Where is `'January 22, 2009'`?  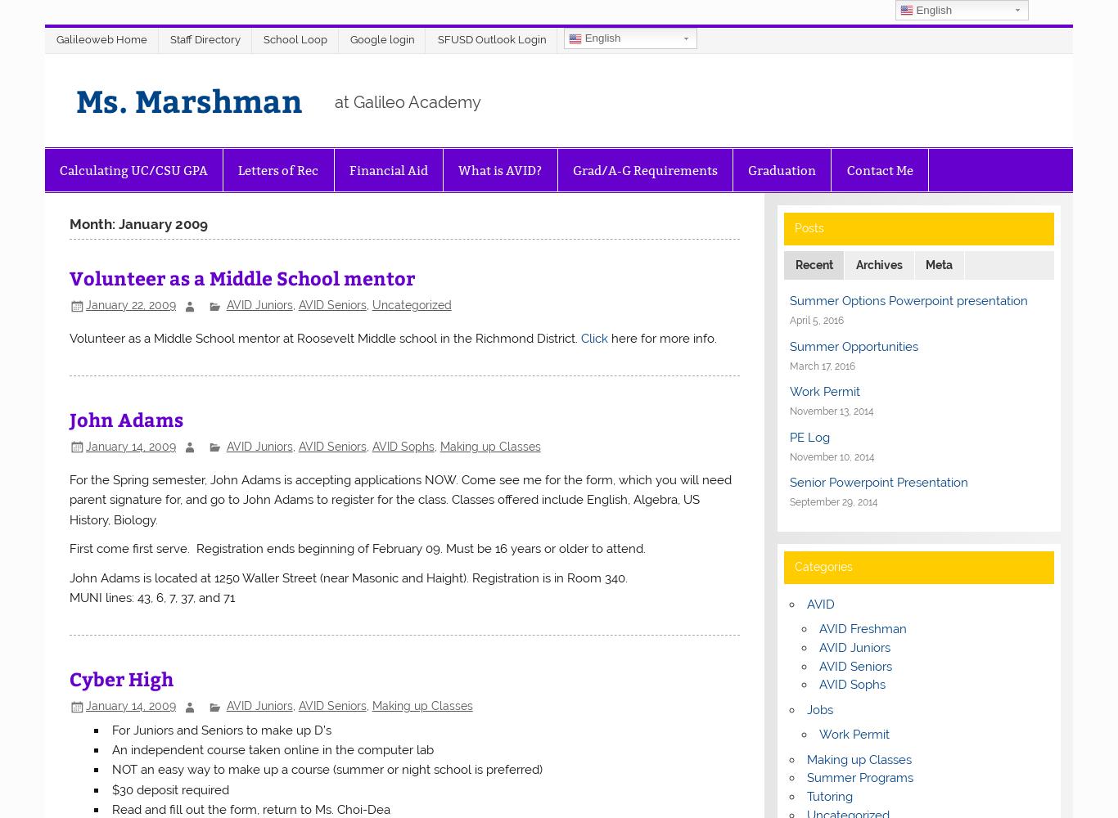
'January 22, 2009' is located at coordinates (129, 304).